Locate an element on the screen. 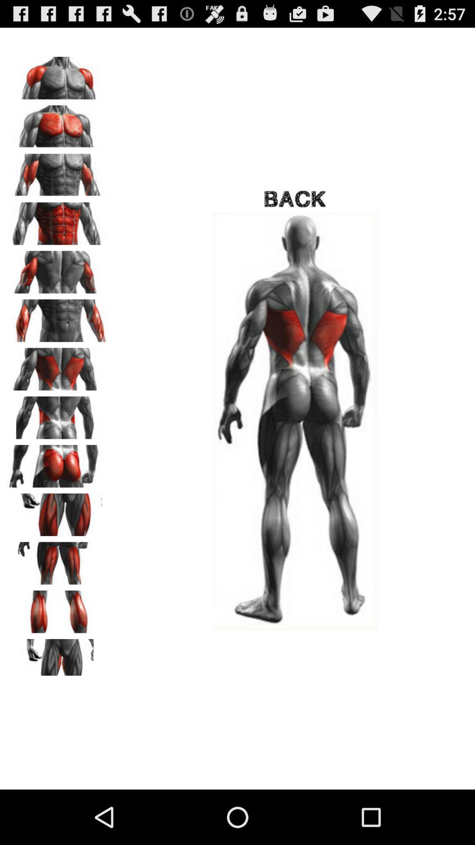 This screenshot has width=475, height=845. abs is located at coordinates (58, 317).